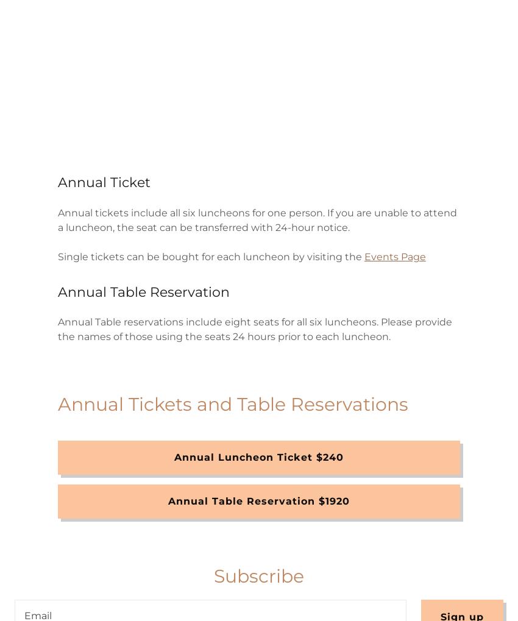 The height and width of the screenshot is (621, 518). Describe the element at coordinates (258, 501) in the screenshot. I see `'Annual Table Reservation $1920'` at that location.